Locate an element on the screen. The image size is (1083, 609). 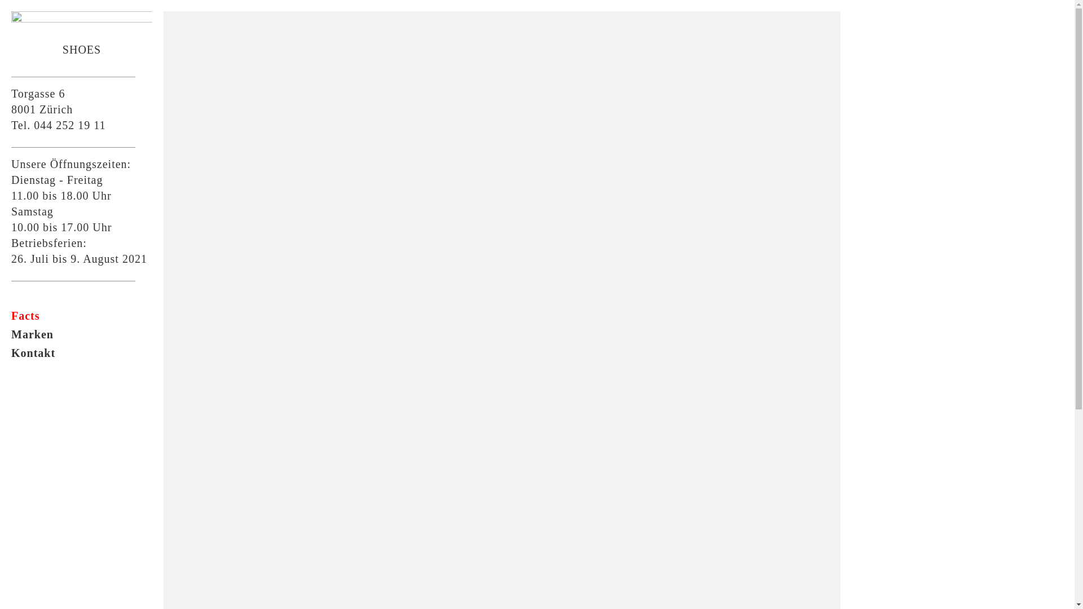
'Facts' is located at coordinates (11, 316).